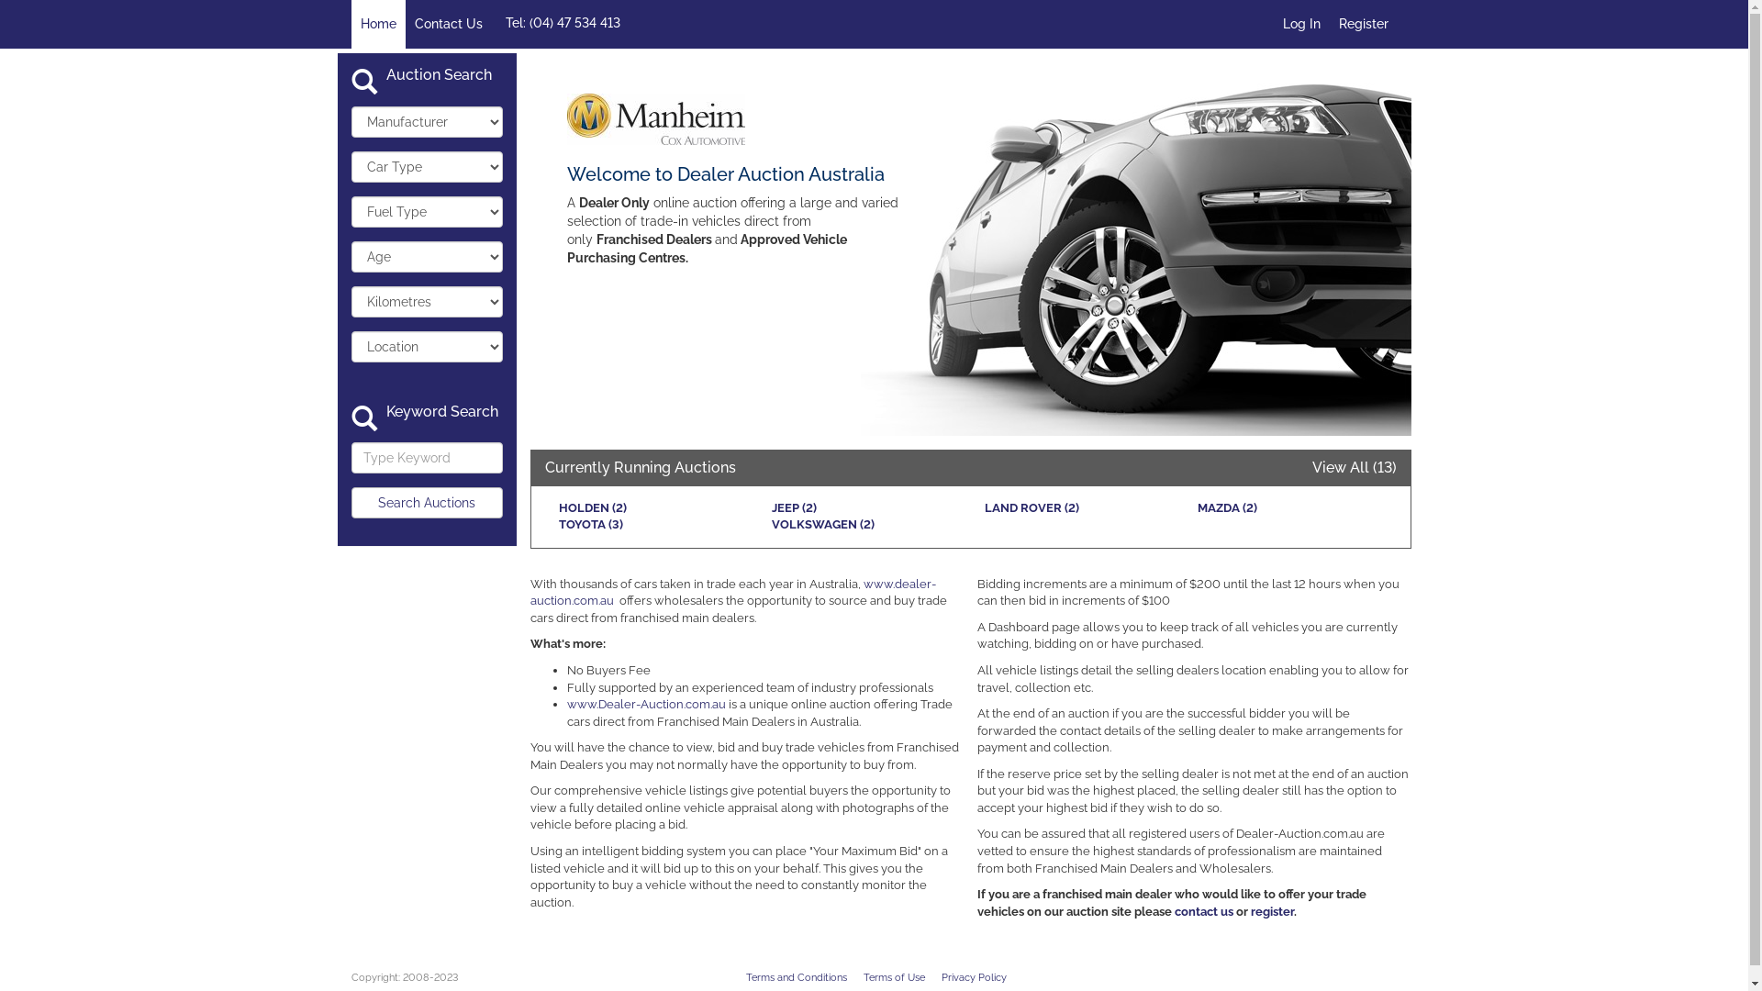  What do you see at coordinates (557, 524) in the screenshot?
I see `'TOYOTA (3)'` at bounding box center [557, 524].